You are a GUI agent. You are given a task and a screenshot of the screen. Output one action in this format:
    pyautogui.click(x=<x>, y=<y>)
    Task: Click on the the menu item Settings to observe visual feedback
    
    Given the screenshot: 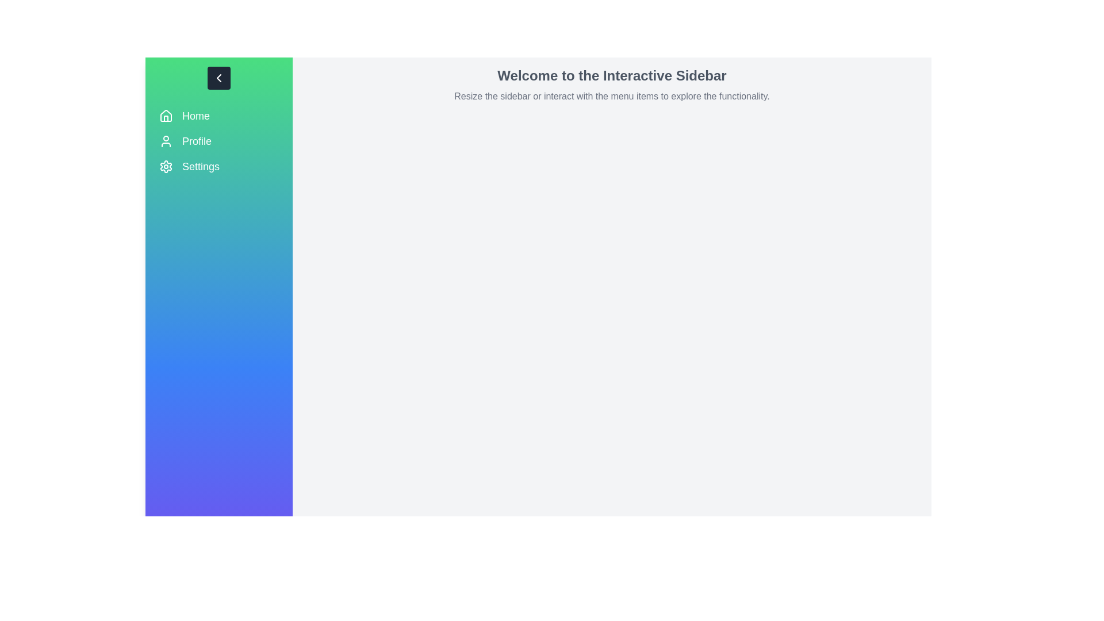 What is the action you would take?
    pyautogui.click(x=218, y=166)
    